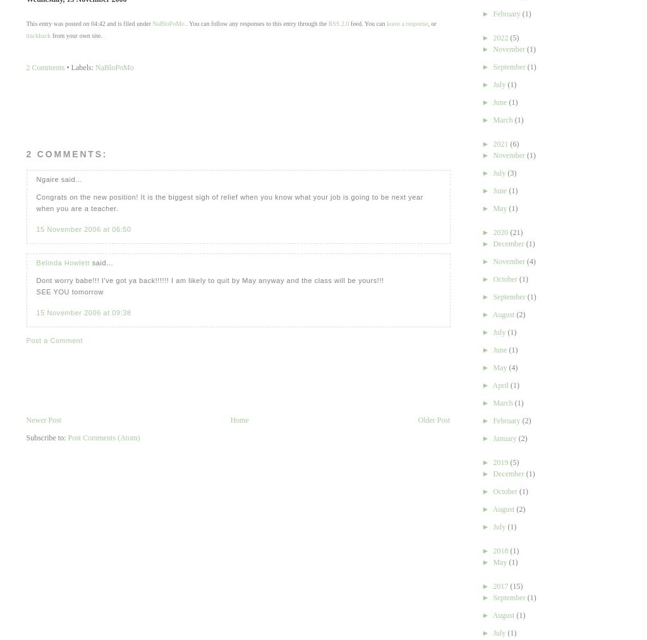 This screenshot has width=647, height=640. I want to click on '2017', so click(492, 586).